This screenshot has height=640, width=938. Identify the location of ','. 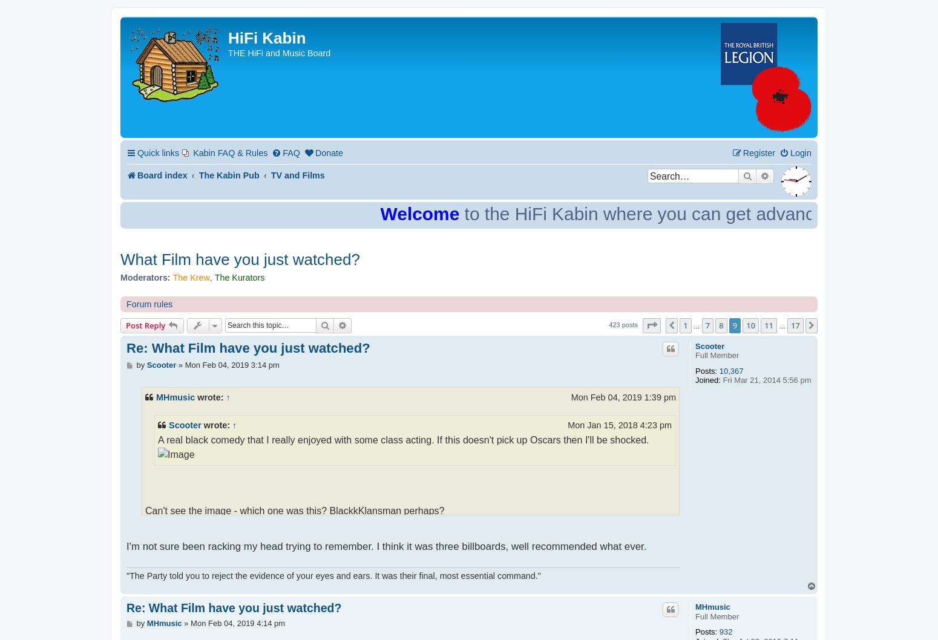
(211, 276).